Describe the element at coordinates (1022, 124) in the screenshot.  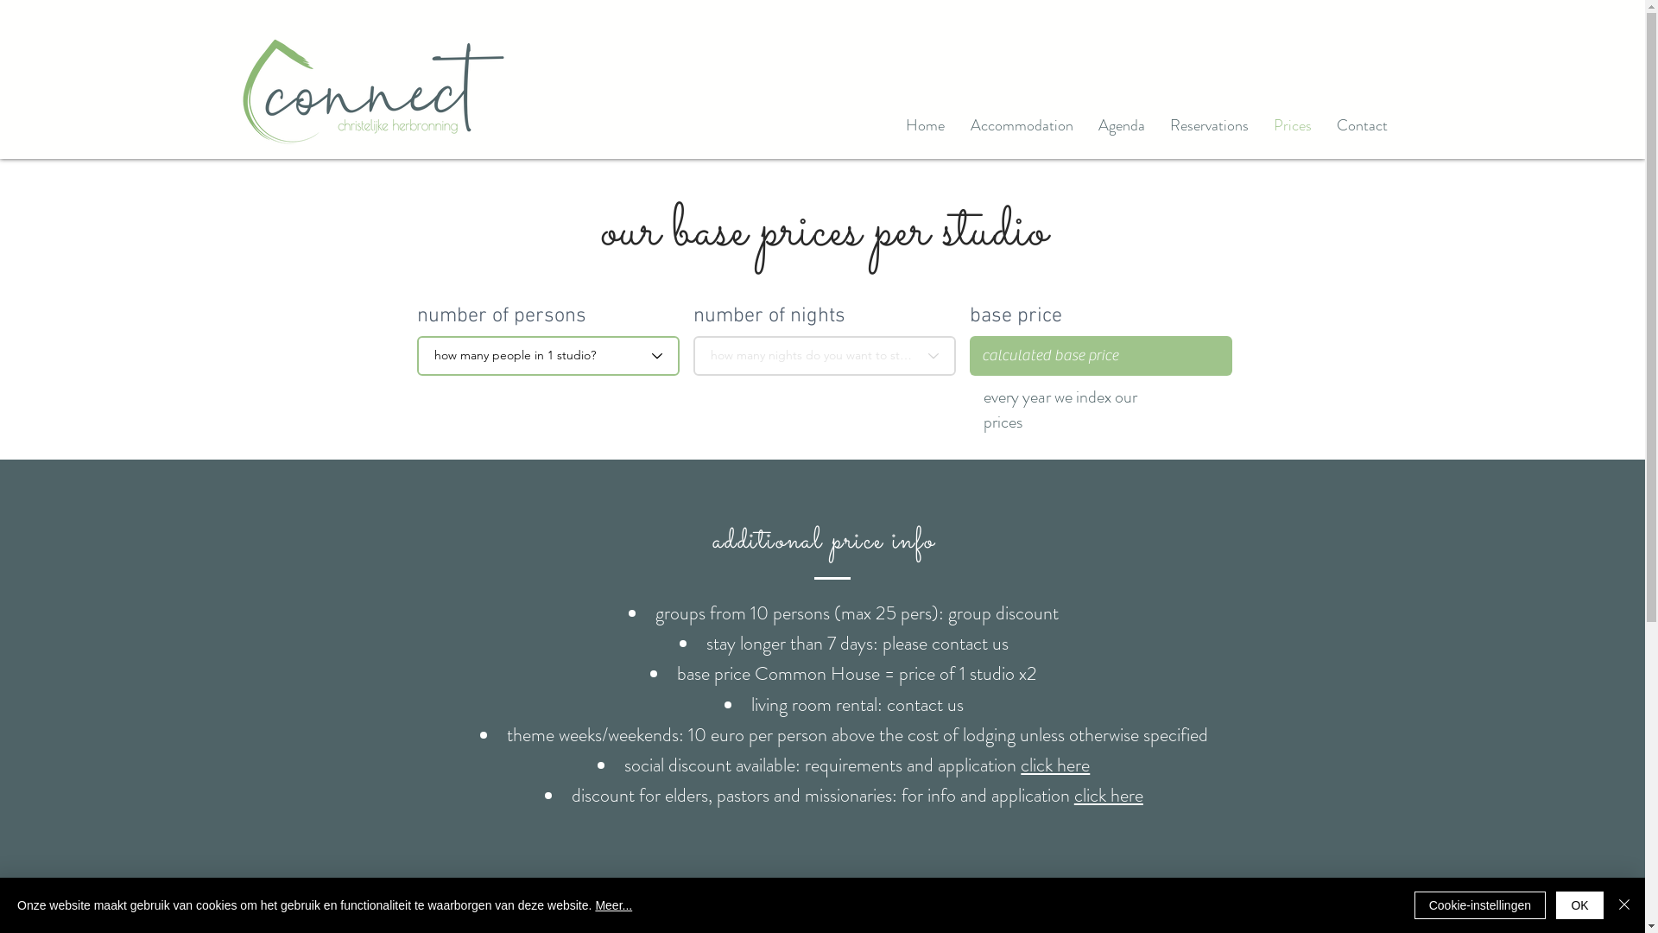
I see `'Accommodation'` at that location.